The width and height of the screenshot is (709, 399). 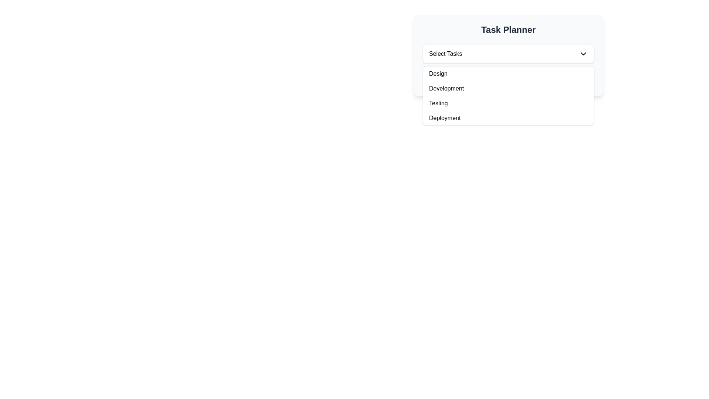 I want to click on the second selectable option in the dropdown menu that allows users to choose 'Development' as a task, so click(x=508, y=88).